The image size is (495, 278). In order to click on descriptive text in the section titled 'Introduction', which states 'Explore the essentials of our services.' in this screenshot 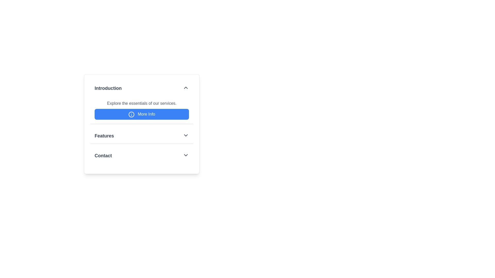, I will do `click(142, 102)`.